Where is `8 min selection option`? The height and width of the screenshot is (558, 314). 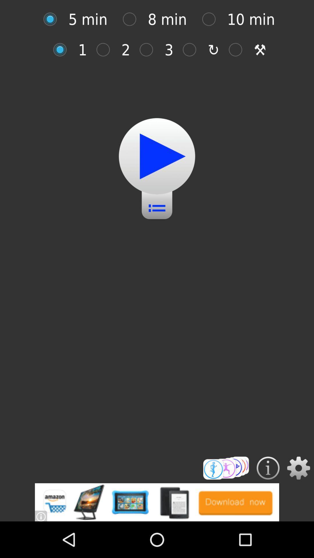
8 min selection option is located at coordinates (132, 19).